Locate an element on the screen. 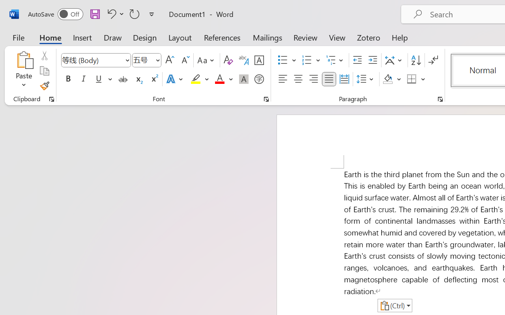 The image size is (505, 315). 'Undo Paste Text Only' is located at coordinates (110, 13).